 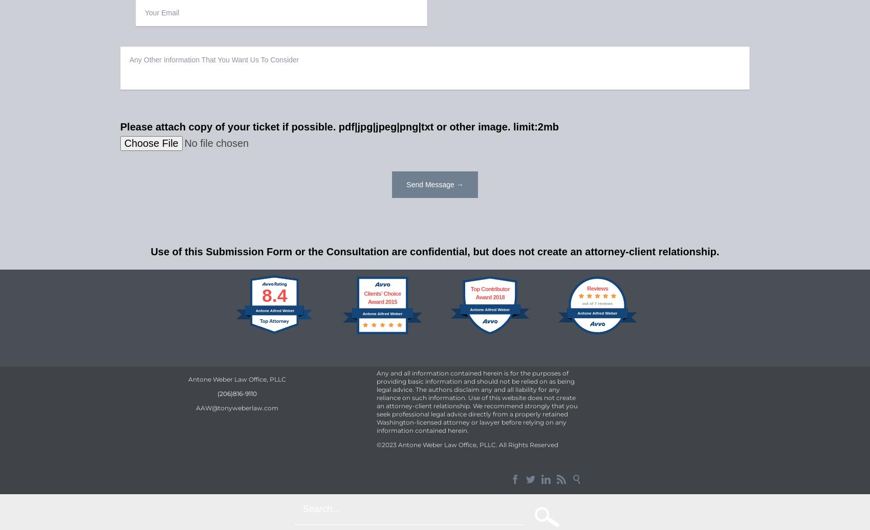 What do you see at coordinates (339, 127) in the screenshot?
I see `'Please attach copy of your ticket if possible. pdf|jpg|jpeg|png|txt or other image. limit:2mb'` at bounding box center [339, 127].